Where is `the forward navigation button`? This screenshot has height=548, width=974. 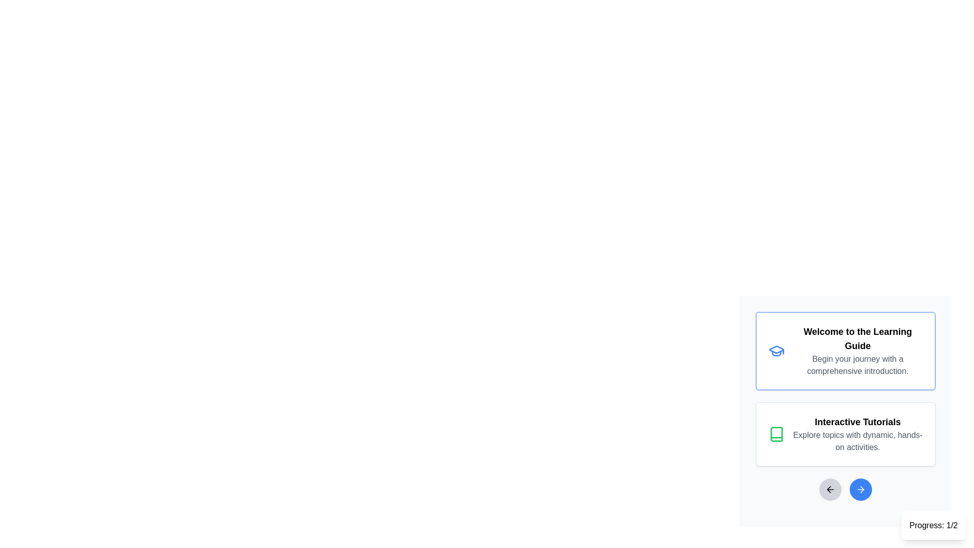
the forward navigation button is located at coordinates (860, 489).